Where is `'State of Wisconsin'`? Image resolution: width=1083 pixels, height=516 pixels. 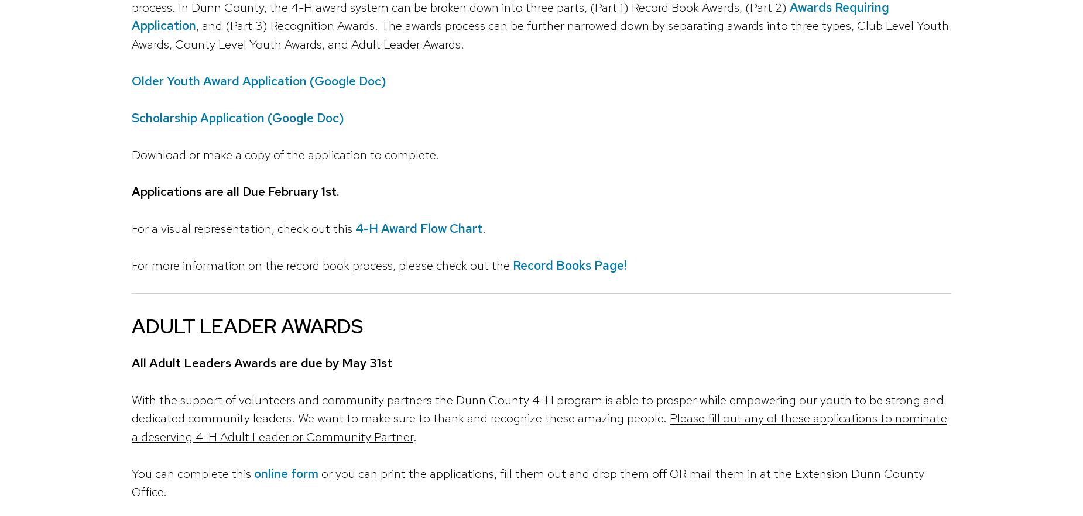 'State of Wisconsin' is located at coordinates (417, 219).